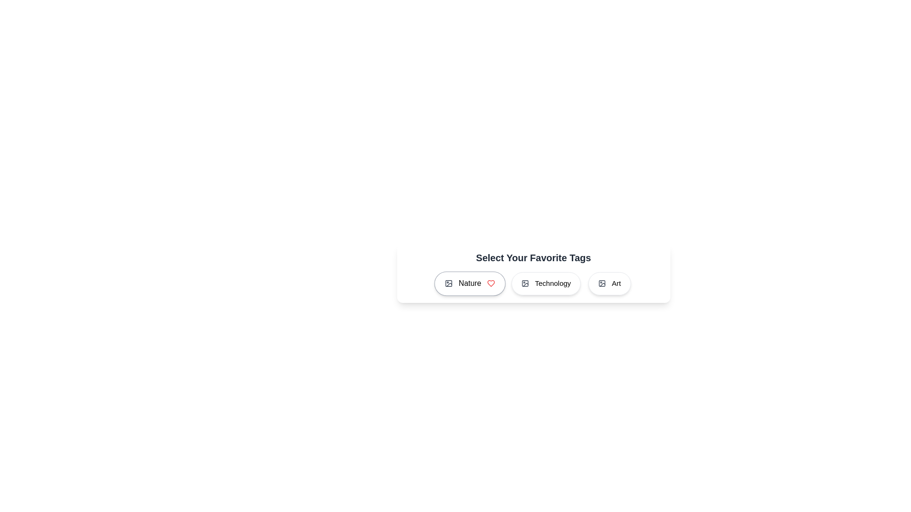 This screenshot has width=911, height=512. I want to click on the icon inside the tag labeled Art, so click(602, 283).